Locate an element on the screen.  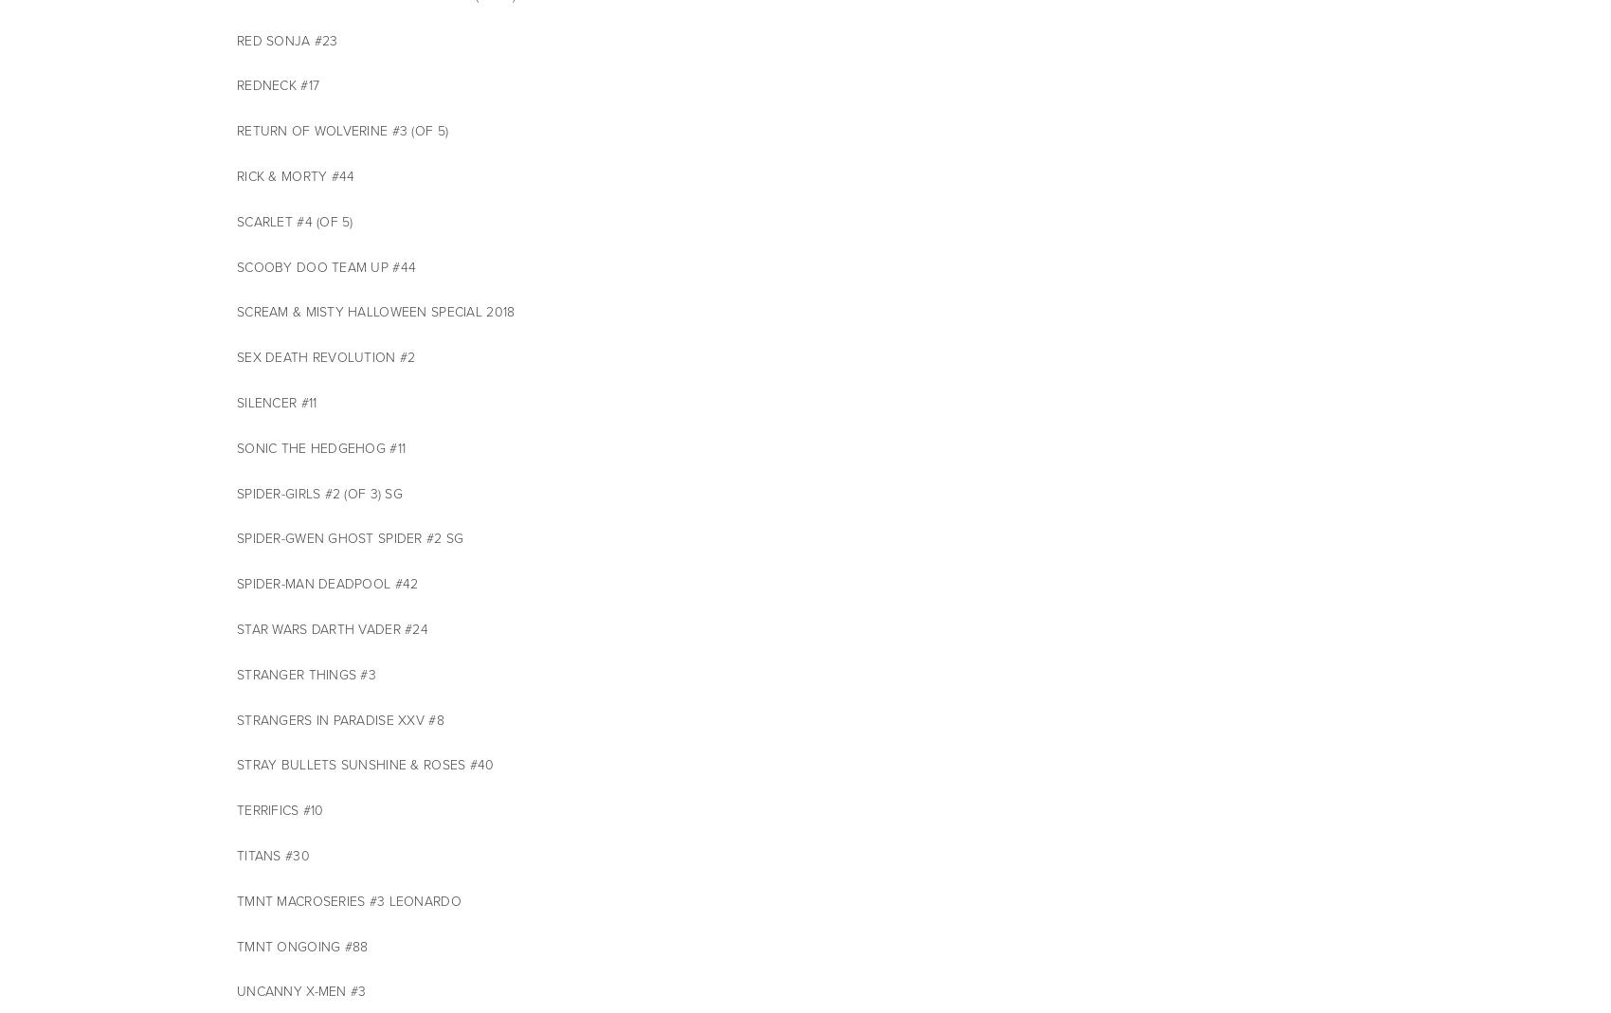
'SPIDER-GIRLS #2 (OF 3) SG' is located at coordinates (237, 492).